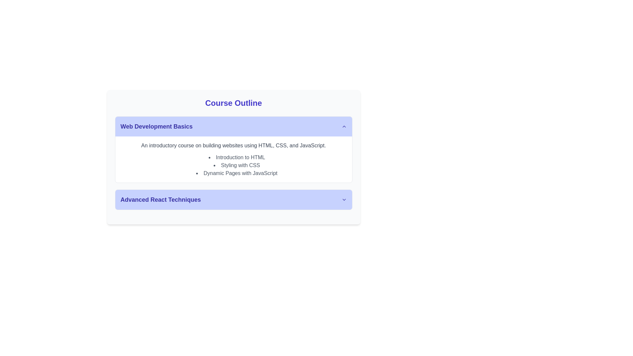 The width and height of the screenshot is (633, 356). Describe the element at coordinates (161, 199) in the screenshot. I see `prominently displayed text 'Advanced React Techniques' which is in bold, larger dark indigo font against a lighter indigo background, located centrally at the bottom of the 'Course Outline' card` at that location.